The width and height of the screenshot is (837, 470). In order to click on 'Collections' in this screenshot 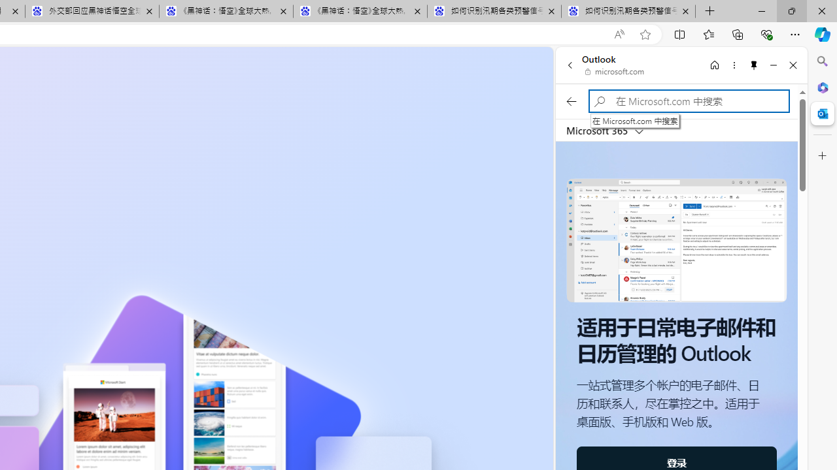, I will do `click(738, 33)`.